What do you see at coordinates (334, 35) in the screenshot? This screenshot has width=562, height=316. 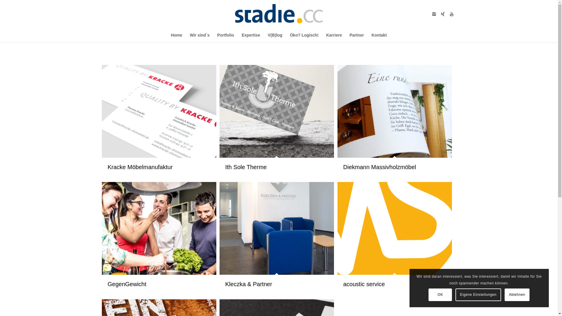 I see `'Karriere'` at bounding box center [334, 35].